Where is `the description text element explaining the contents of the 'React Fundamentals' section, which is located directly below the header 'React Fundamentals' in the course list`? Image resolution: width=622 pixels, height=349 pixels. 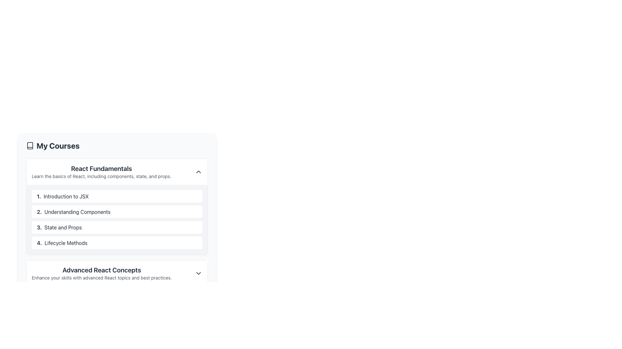 the description text element explaining the contents of the 'React Fundamentals' section, which is located directly below the header 'React Fundamentals' in the course list is located at coordinates (101, 176).